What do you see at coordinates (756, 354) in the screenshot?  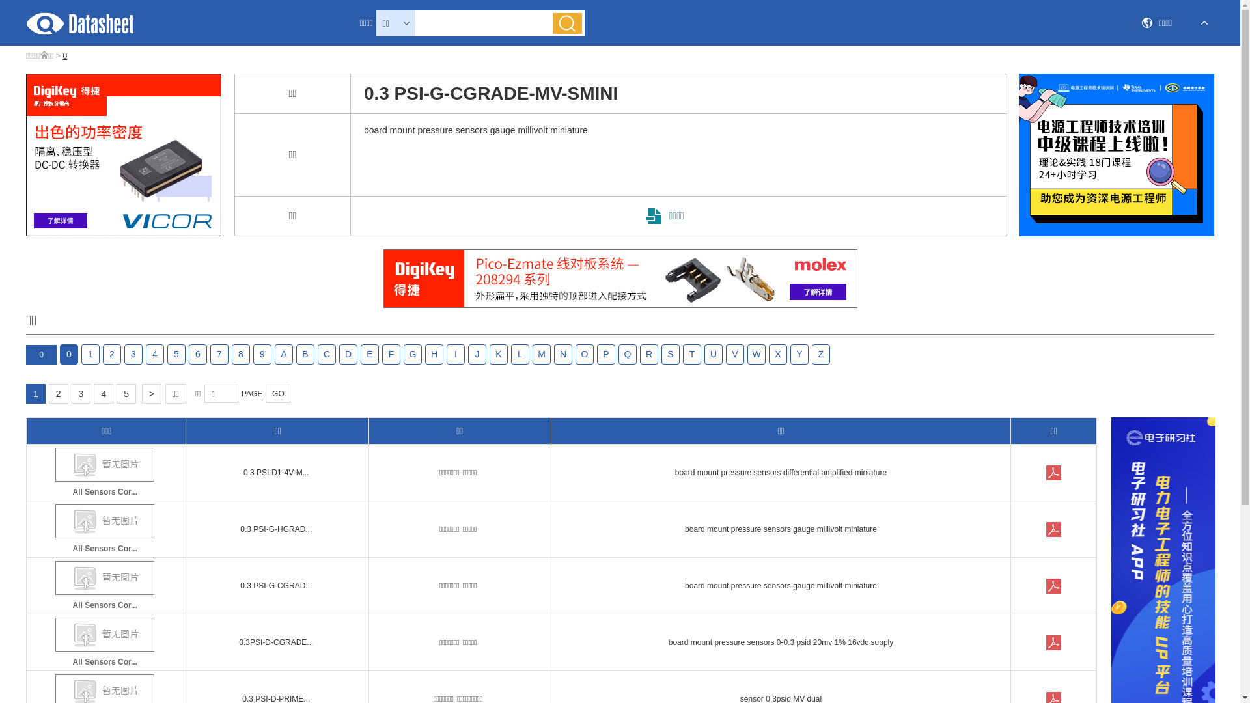 I see `'W'` at bounding box center [756, 354].